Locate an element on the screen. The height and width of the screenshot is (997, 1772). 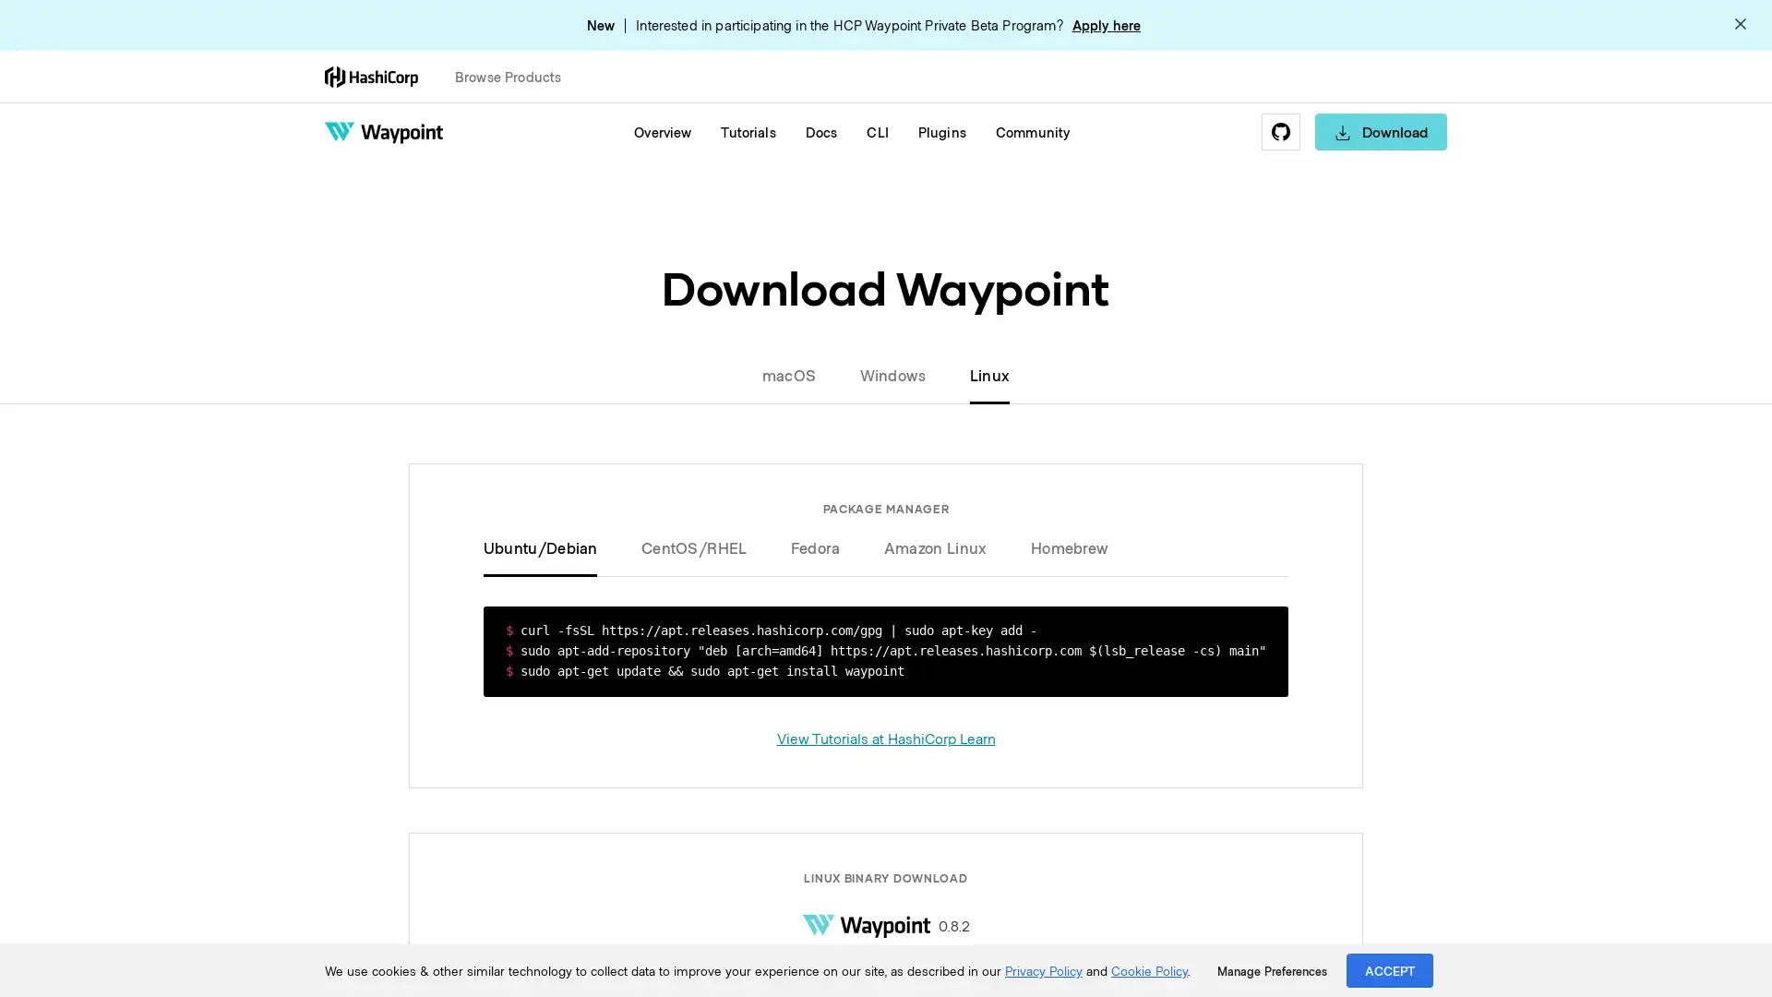
Windows is located at coordinates (892, 374).